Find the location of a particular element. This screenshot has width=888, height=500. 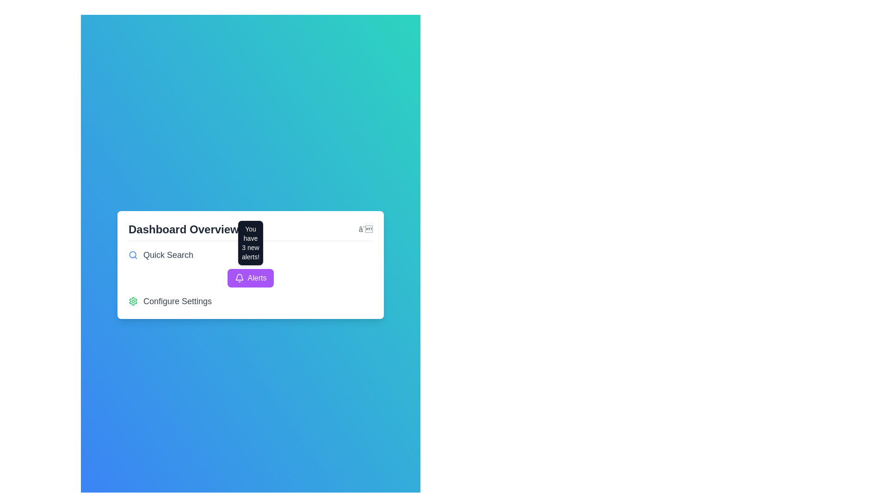

the 'Quick Search' text label that is displayed in large gray font, positioned to the right of the blue magnifying glass icon is located at coordinates (168, 255).